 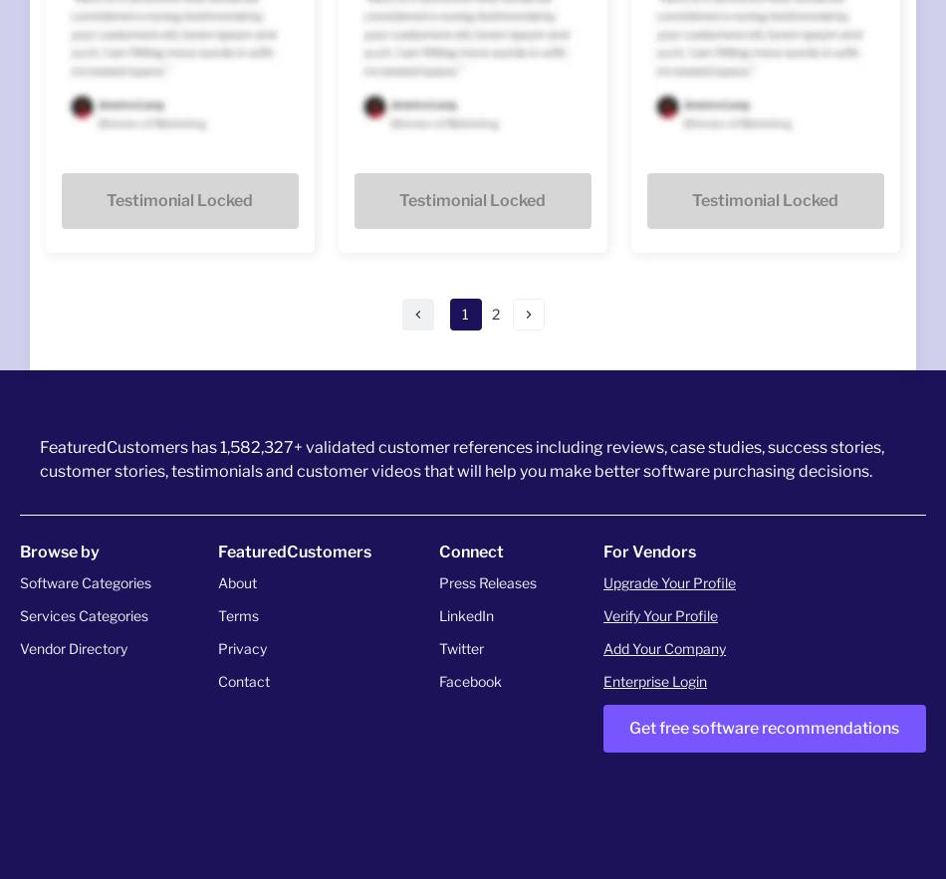 I want to click on 'Facebook', so click(x=468, y=680).